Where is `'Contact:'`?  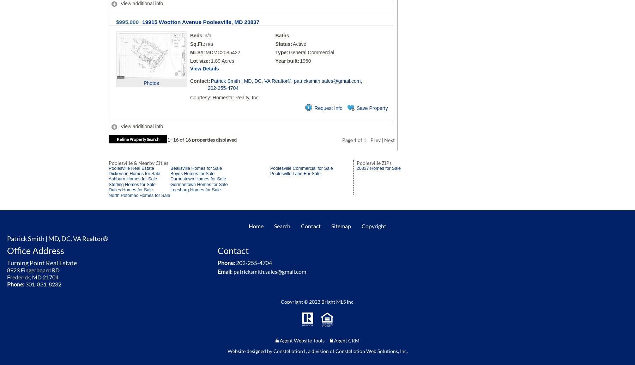 'Contact:' is located at coordinates (189, 80).